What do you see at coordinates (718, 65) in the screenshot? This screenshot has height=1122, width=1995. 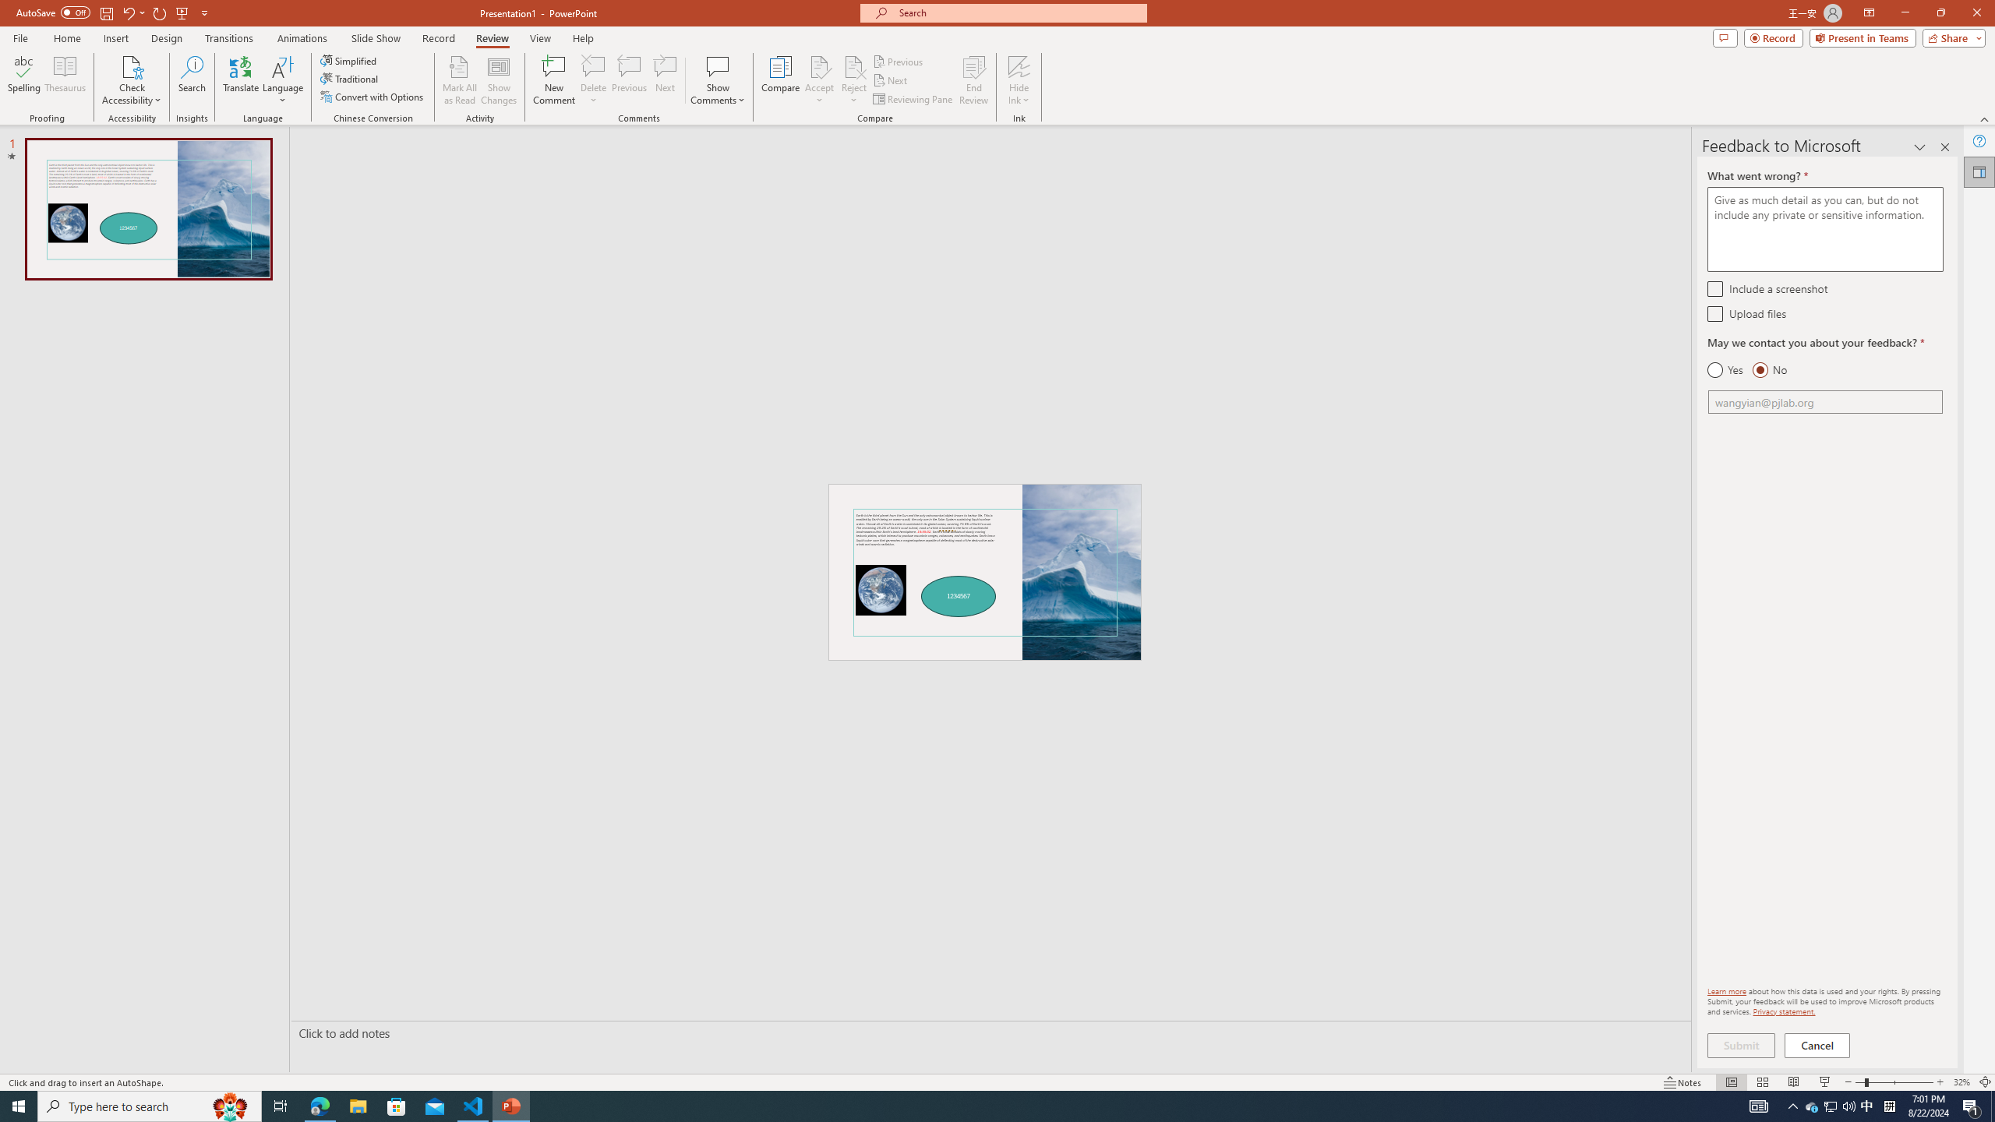 I see `'Show Comments'` at bounding box center [718, 65].